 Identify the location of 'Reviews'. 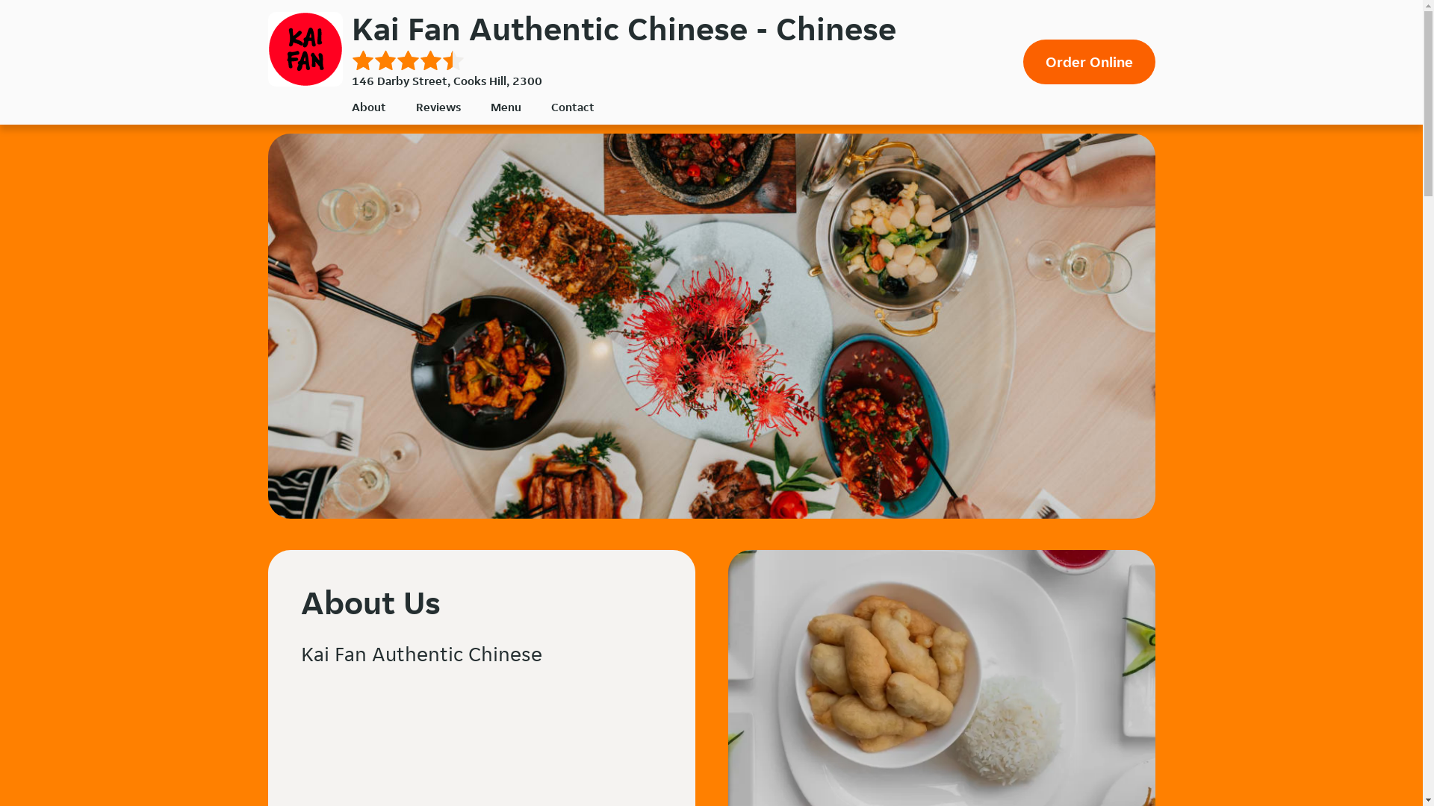
(436, 106).